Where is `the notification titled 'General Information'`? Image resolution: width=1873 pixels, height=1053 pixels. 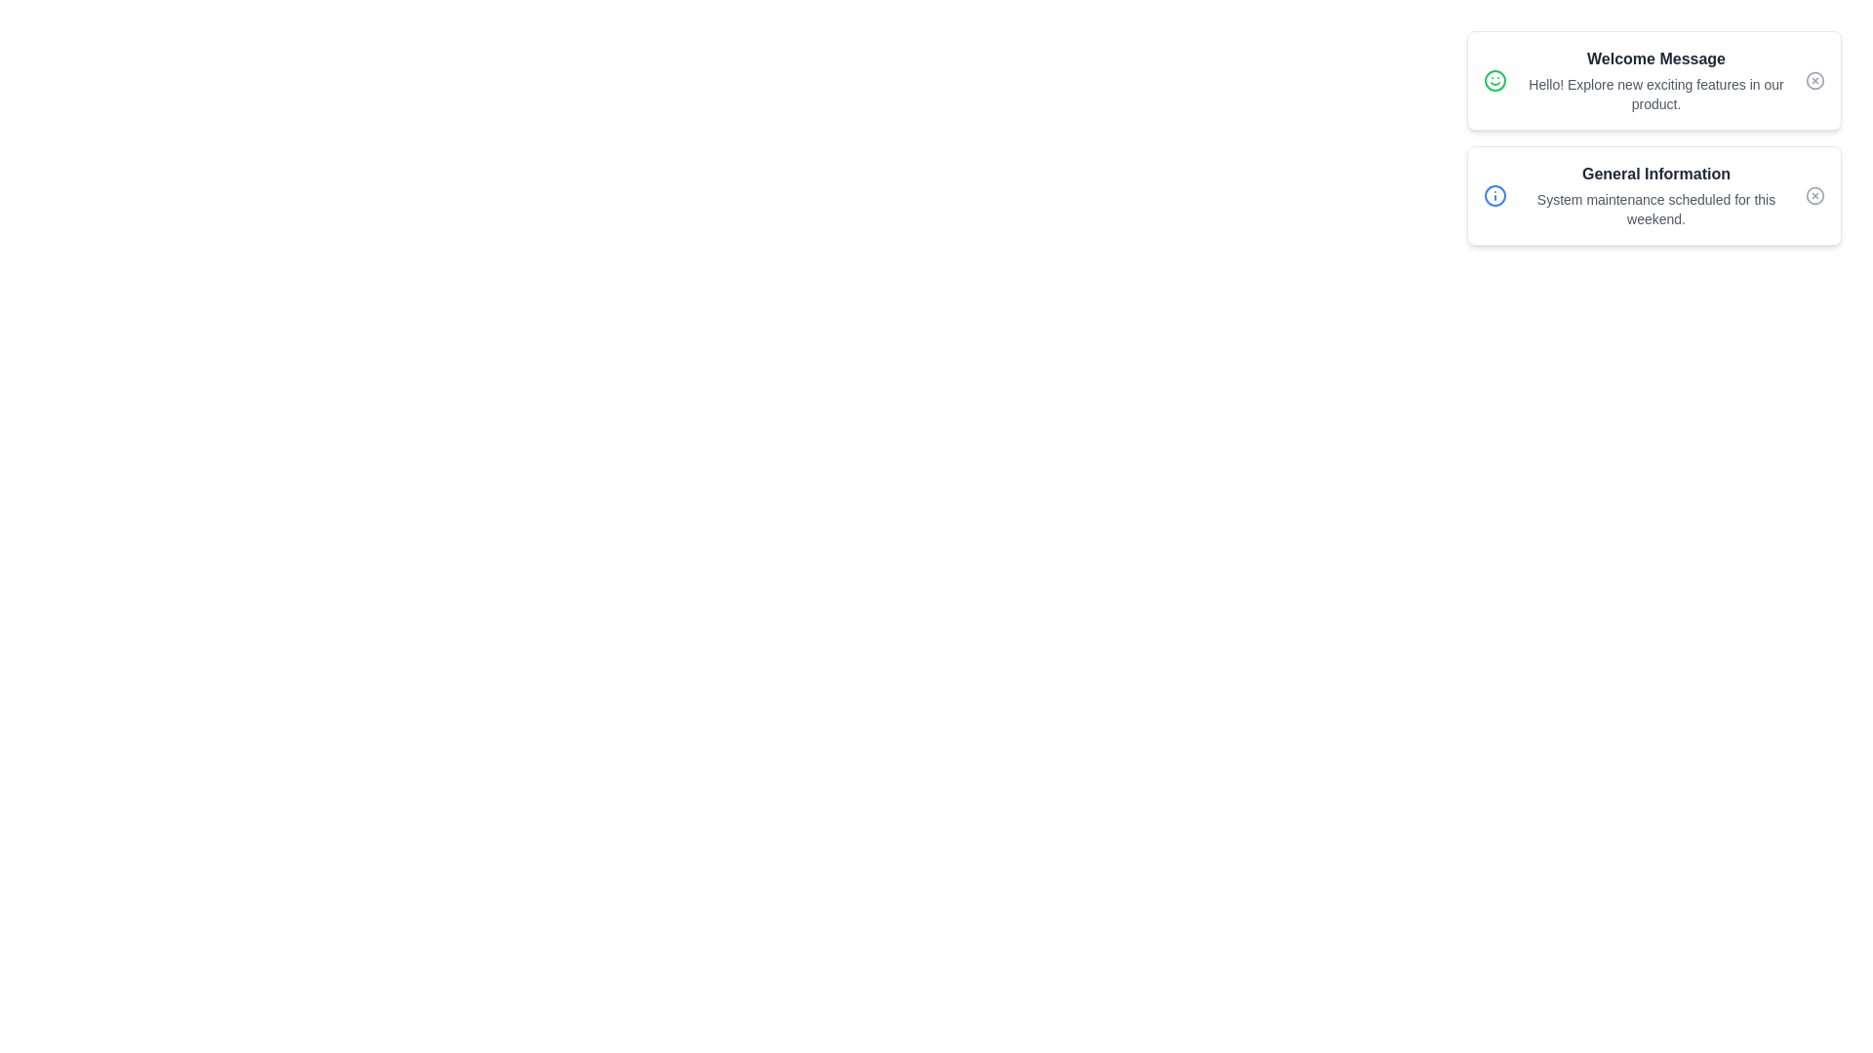 the notification titled 'General Information' is located at coordinates (1653, 195).